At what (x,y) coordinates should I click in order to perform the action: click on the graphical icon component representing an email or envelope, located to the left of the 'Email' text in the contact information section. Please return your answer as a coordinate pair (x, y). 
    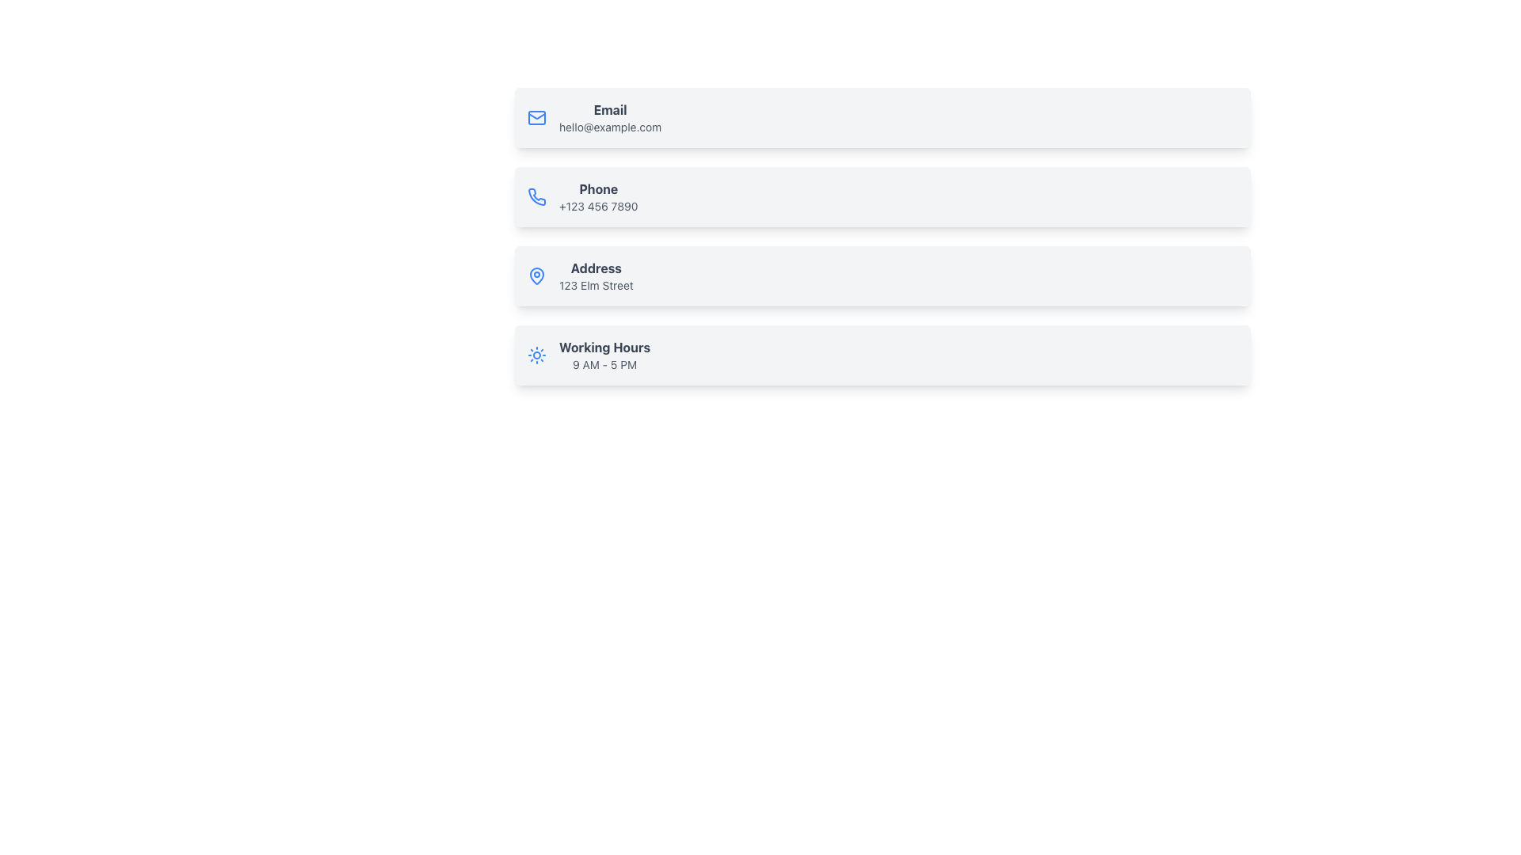
    Looking at the image, I should click on (536, 117).